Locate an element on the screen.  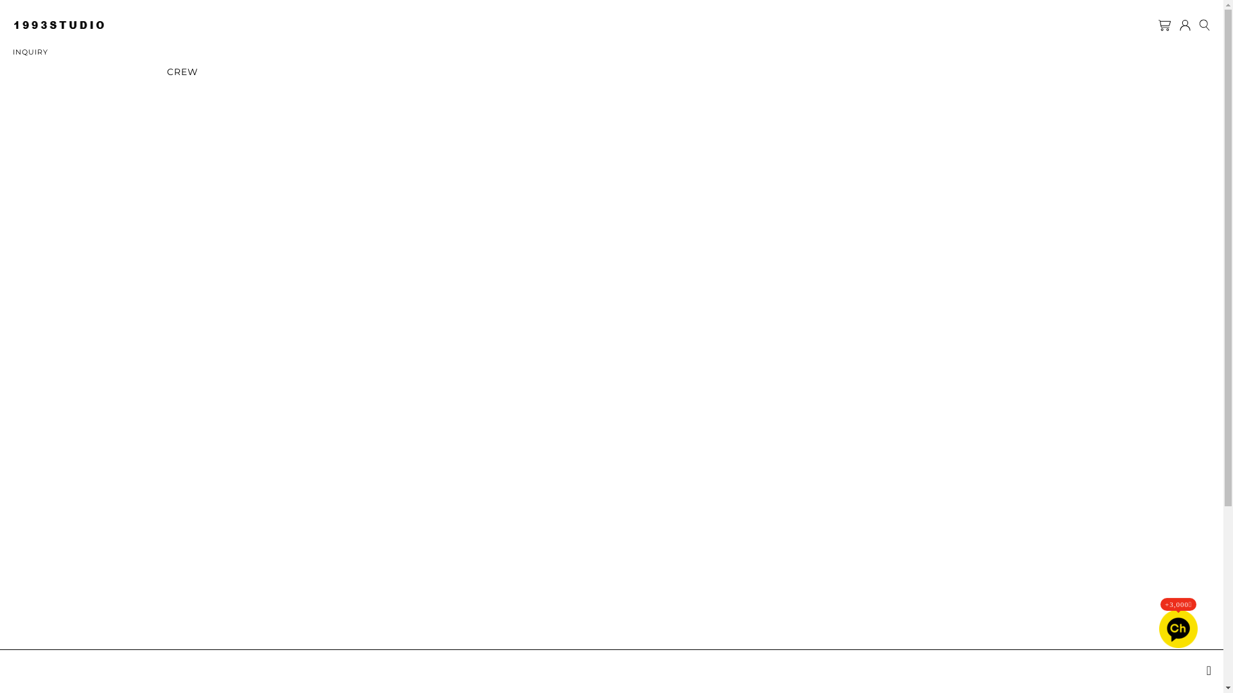
'INQUIRY' is located at coordinates (30, 51).